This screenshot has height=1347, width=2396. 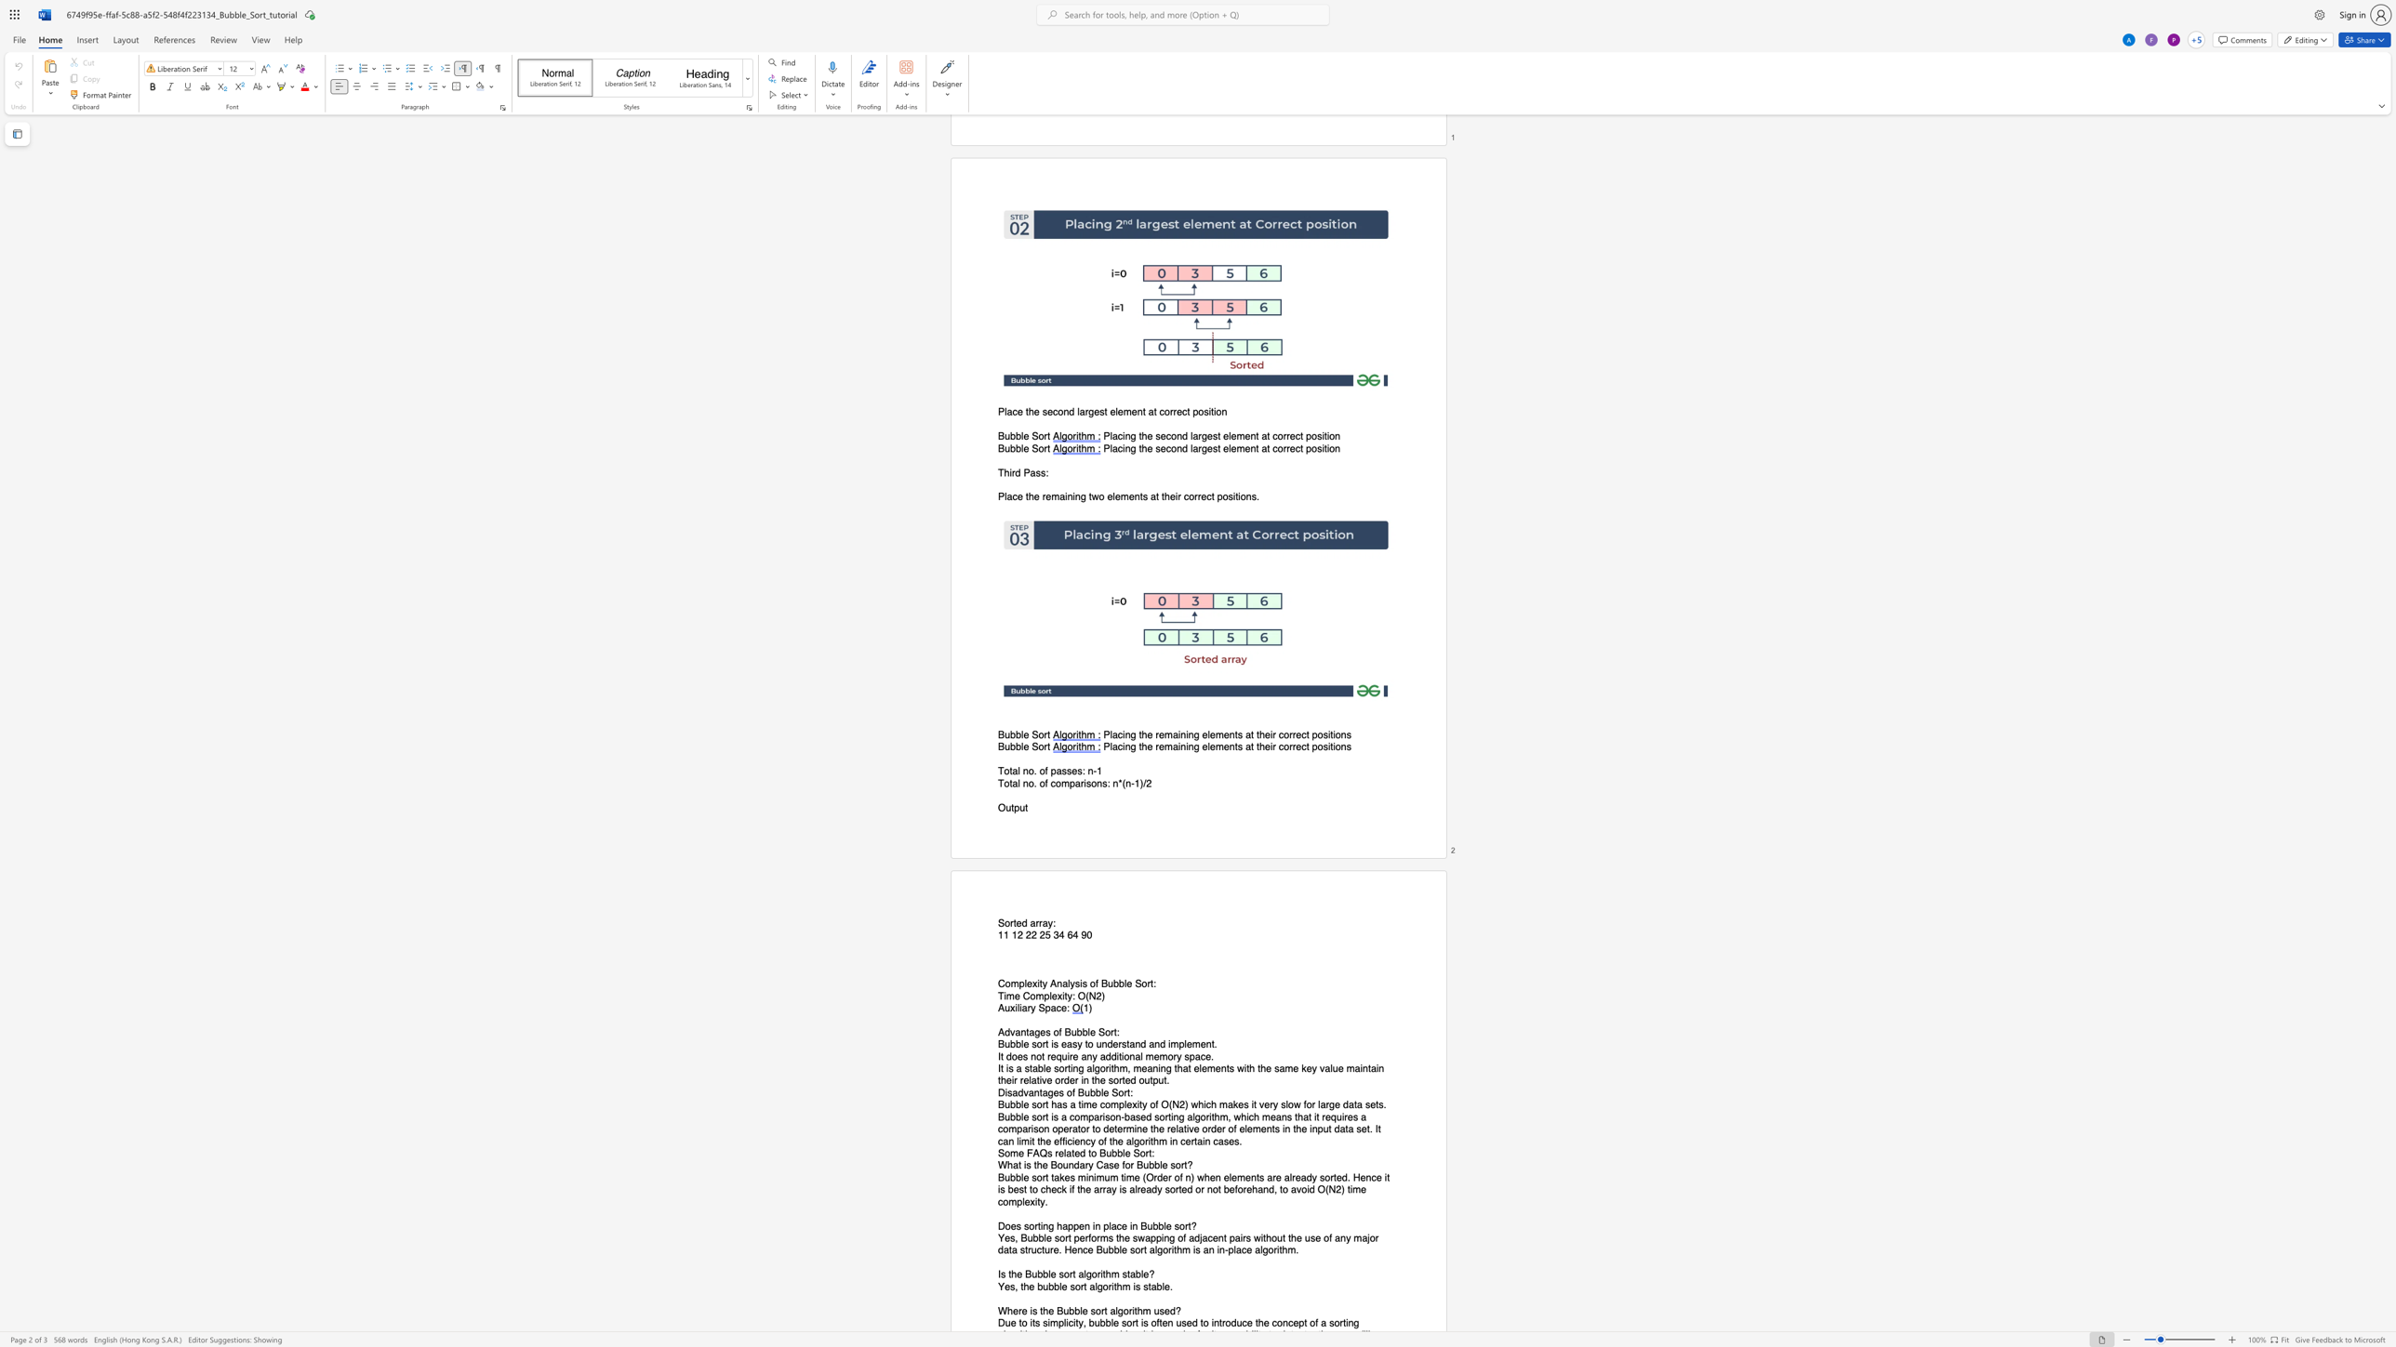 What do you see at coordinates (1129, 984) in the screenshot?
I see `the 2th character "e" in the text` at bounding box center [1129, 984].